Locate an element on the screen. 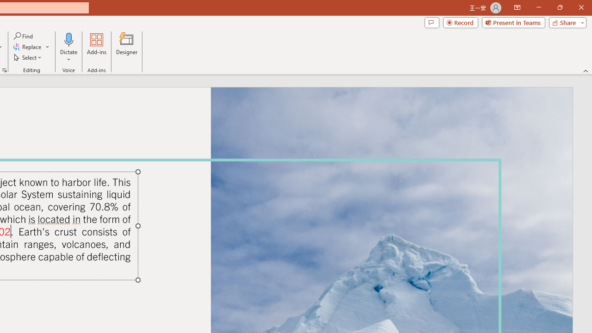 This screenshot has height=333, width=592. 'Find...' is located at coordinates (24, 36).